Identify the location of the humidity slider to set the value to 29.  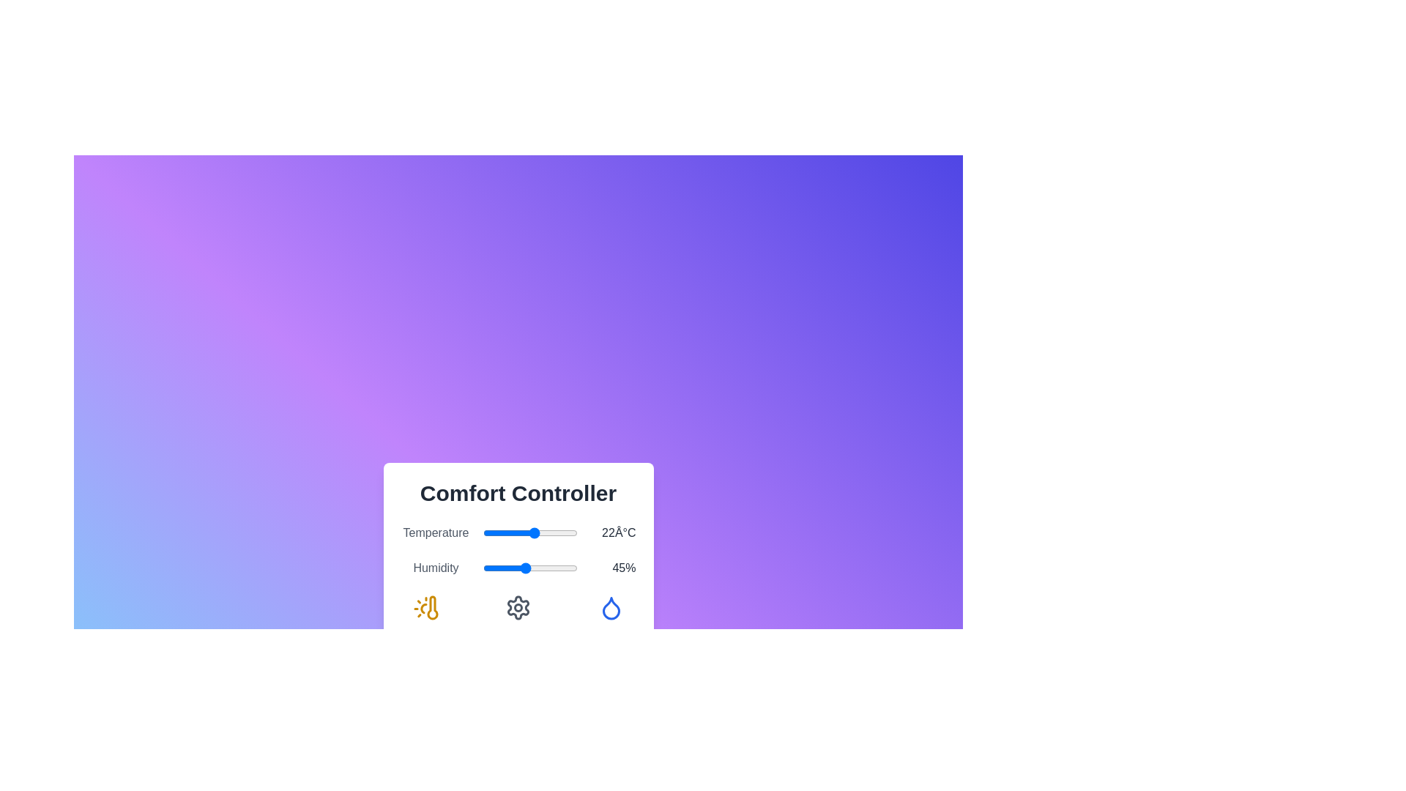
(510, 567).